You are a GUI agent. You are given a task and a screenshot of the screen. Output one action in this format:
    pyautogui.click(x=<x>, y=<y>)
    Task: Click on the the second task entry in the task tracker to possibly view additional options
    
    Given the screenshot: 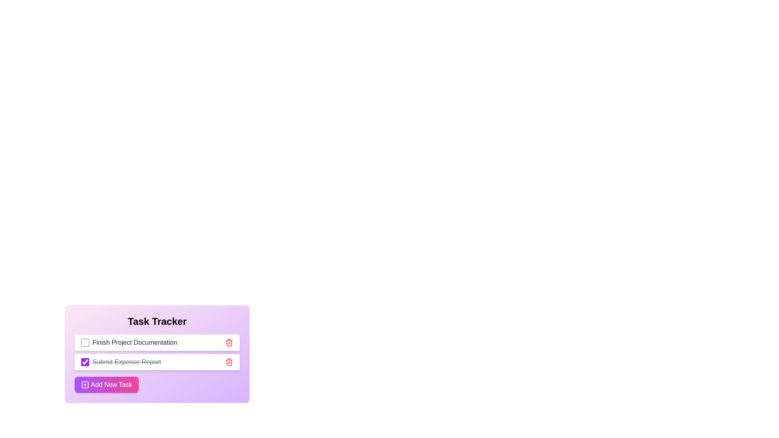 What is the action you would take?
    pyautogui.click(x=157, y=353)
    